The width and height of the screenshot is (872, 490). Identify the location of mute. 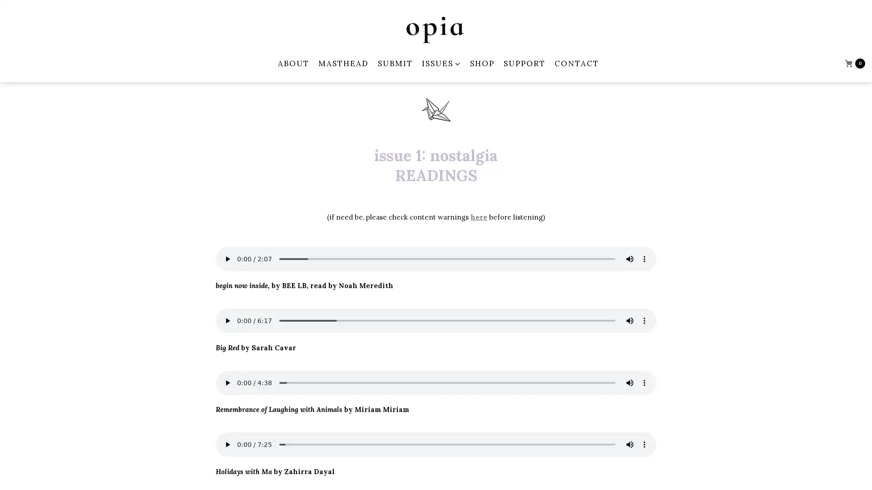
(629, 259).